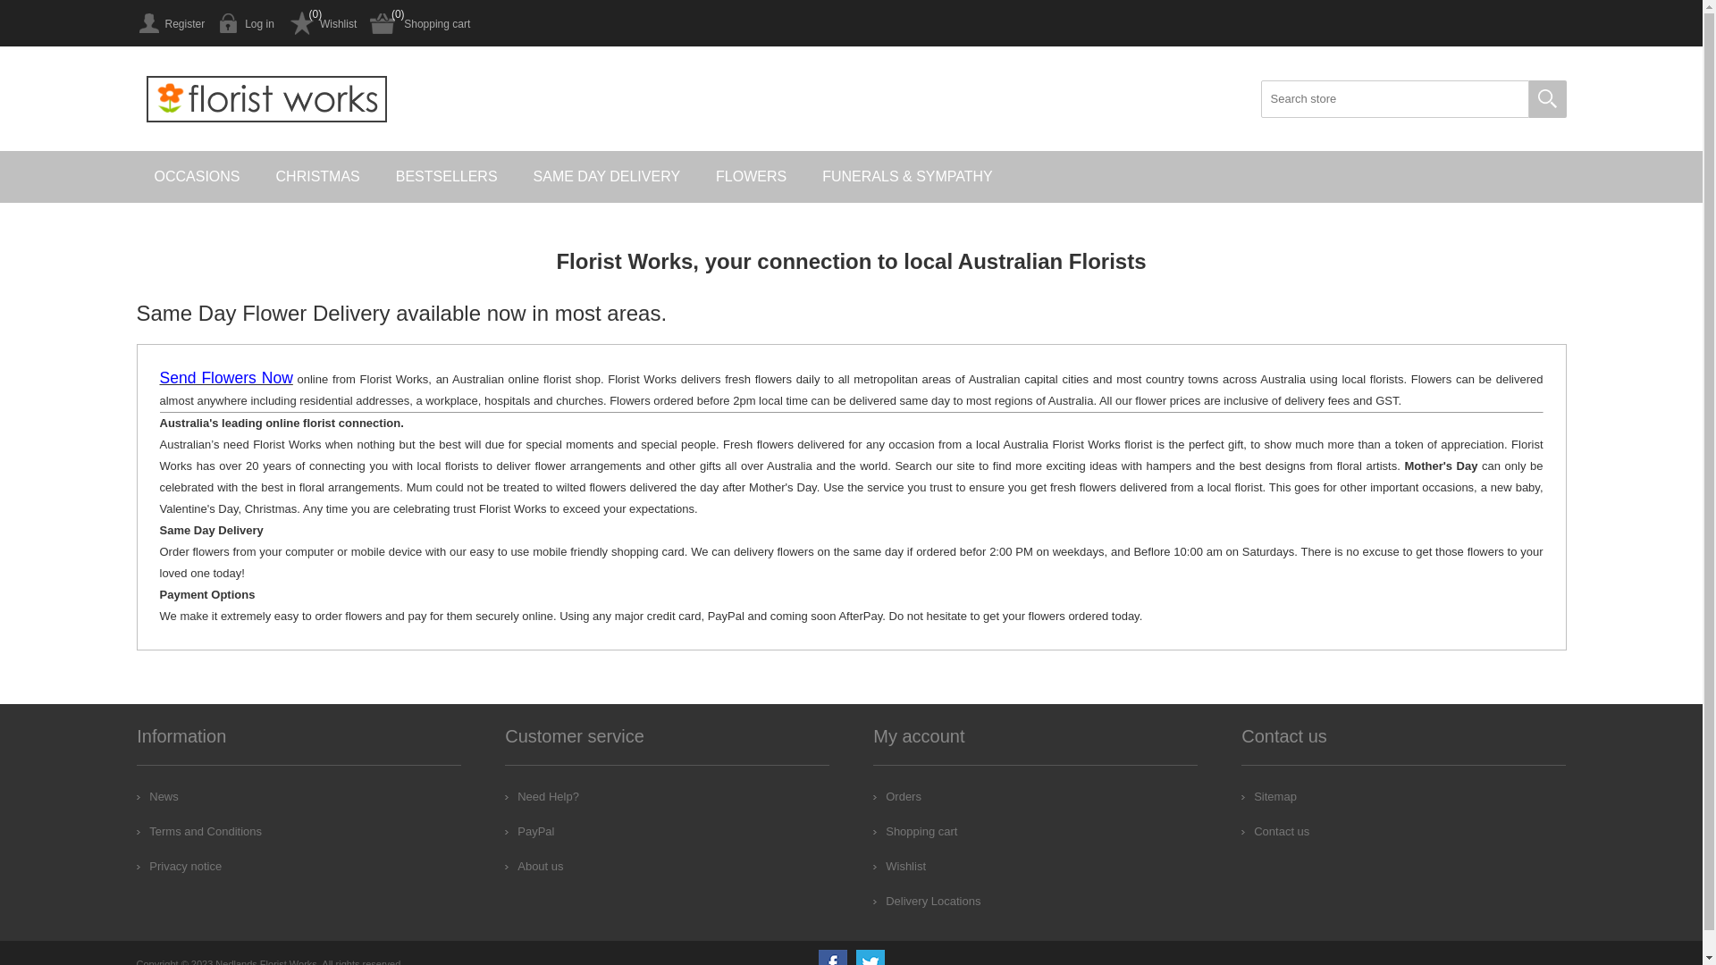 The height and width of the screenshot is (965, 1716). What do you see at coordinates (1274, 831) in the screenshot?
I see `'Contact us'` at bounding box center [1274, 831].